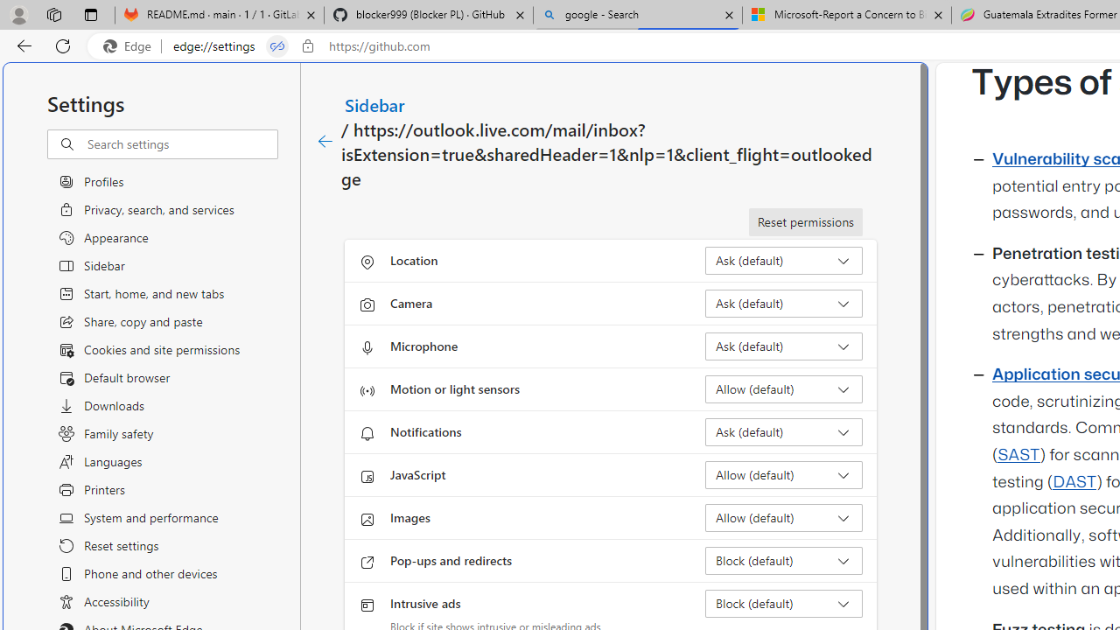 The height and width of the screenshot is (630, 1120). I want to click on 'Pop-ups and redirects Block (default)', so click(783, 560).